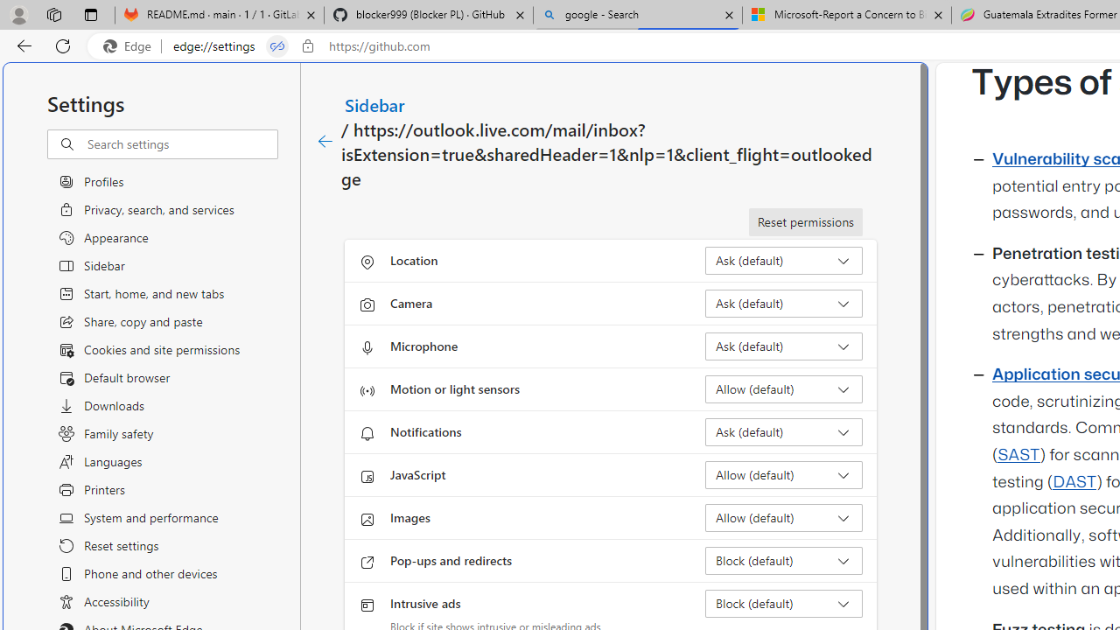 The height and width of the screenshot is (630, 1120). I want to click on 'Pop-ups and redirects Block (default)', so click(783, 560).